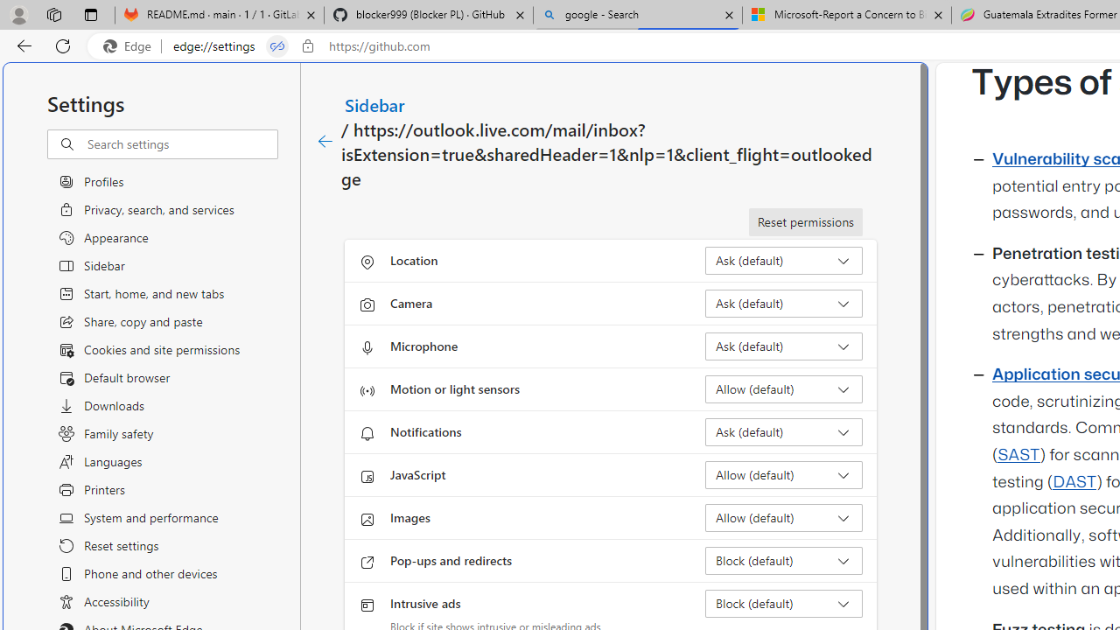 The height and width of the screenshot is (630, 1120). I want to click on 'Pop-ups and redirects Block (default)', so click(783, 560).